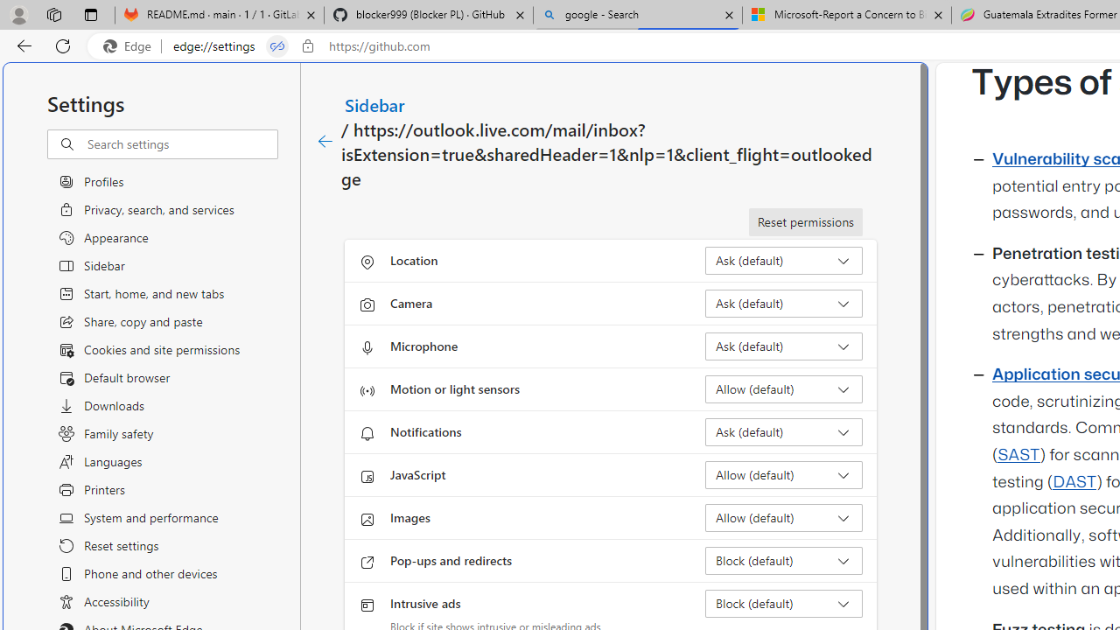 The height and width of the screenshot is (630, 1120). I want to click on 'Pop-ups and redirects Block (default)', so click(783, 560).